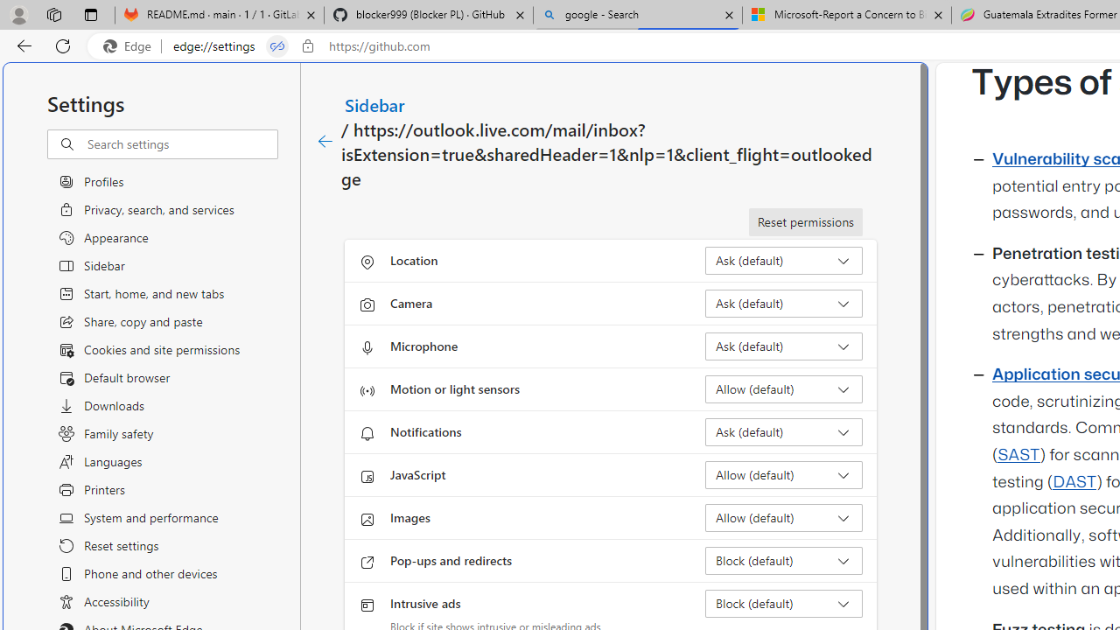 The height and width of the screenshot is (630, 1120). I want to click on 'Pop-ups and redirects Block (default)', so click(783, 560).